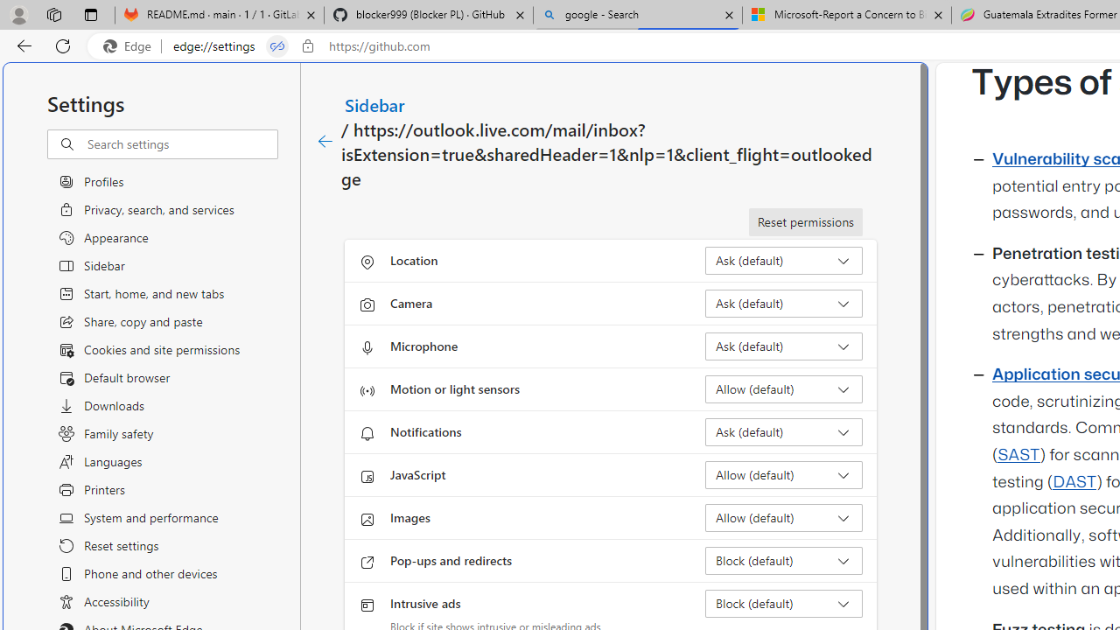 The height and width of the screenshot is (630, 1120). I want to click on 'Pop-ups and redirects Block (default)', so click(783, 560).